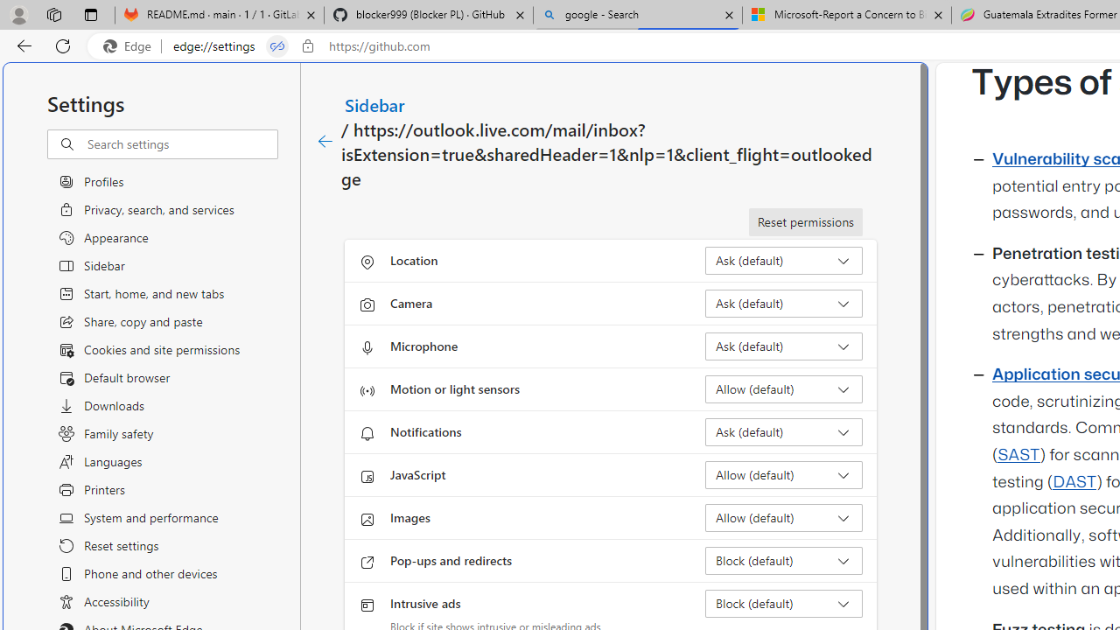 The height and width of the screenshot is (630, 1120). I want to click on 'Pop-ups and redirects Block (default)', so click(783, 560).